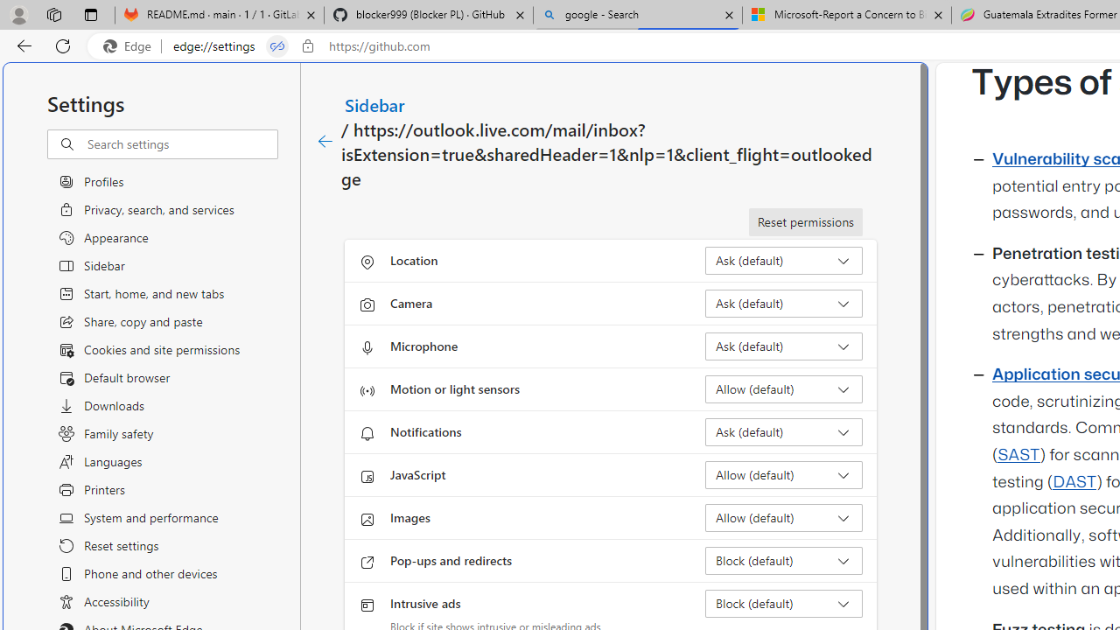 The height and width of the screenshot is (630, 1120). I want to click on 'Pop-ups and redirects Block (default)', so click(783, 560).